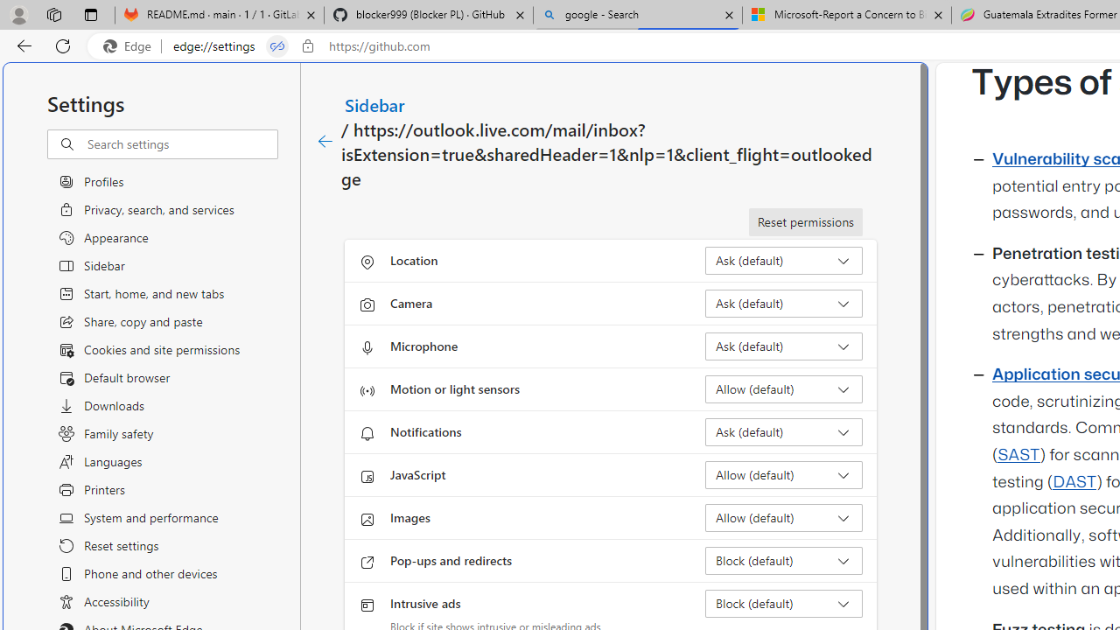 The height and width of the screenshot is (630, 1120). I want to click on 'Pop-ups and redirects Block (default)', so click(783, 560).